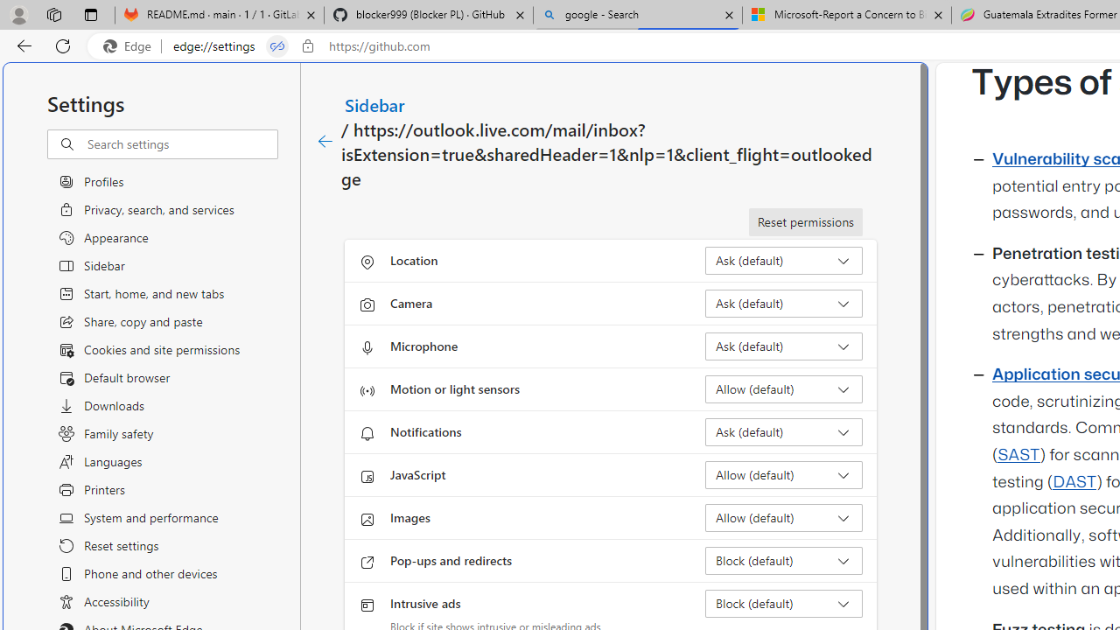 The height and width of the screenshot is (630, 1120). I want to click on 'Pop-ups and redirects Block (default)', so click(783, 560).